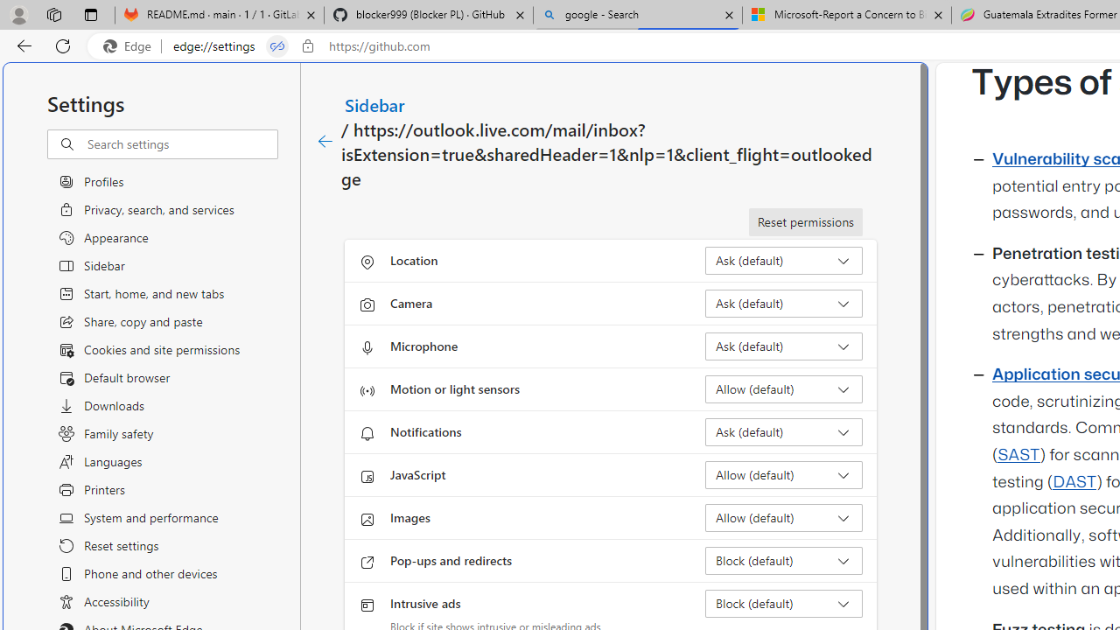 The height and width of the screenshot is (630, 1120). I want to click on 'Pop-ups and redirects Block (default)', so click(783, 560).